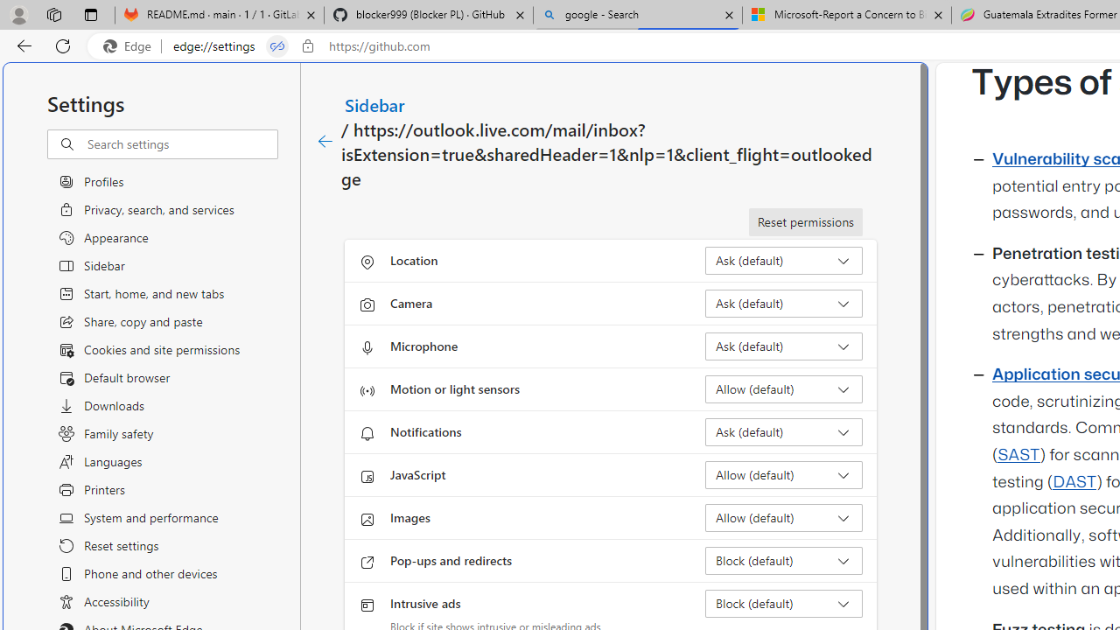 The height and width of the screenshot is (630, 1120). I want to click on 'Pop-ups and redirects Block (default)', so click(783, 560).